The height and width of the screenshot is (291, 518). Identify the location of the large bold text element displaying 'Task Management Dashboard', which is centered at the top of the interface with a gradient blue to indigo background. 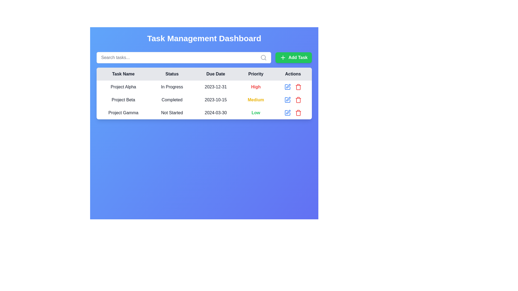
(204, 38).